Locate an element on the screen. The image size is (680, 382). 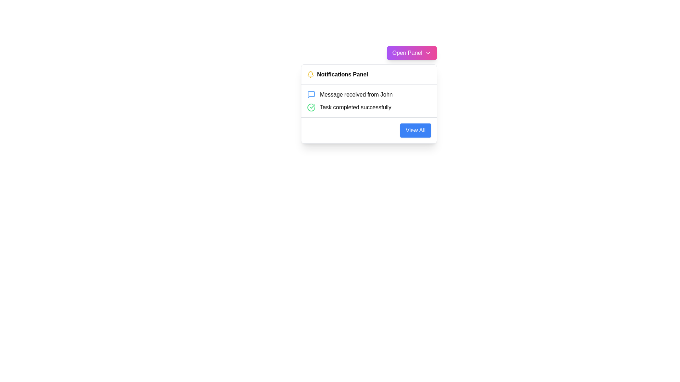
the message notification icon located in the second row next to the text 'Message received from John.' is located at coordinates (311, 94).